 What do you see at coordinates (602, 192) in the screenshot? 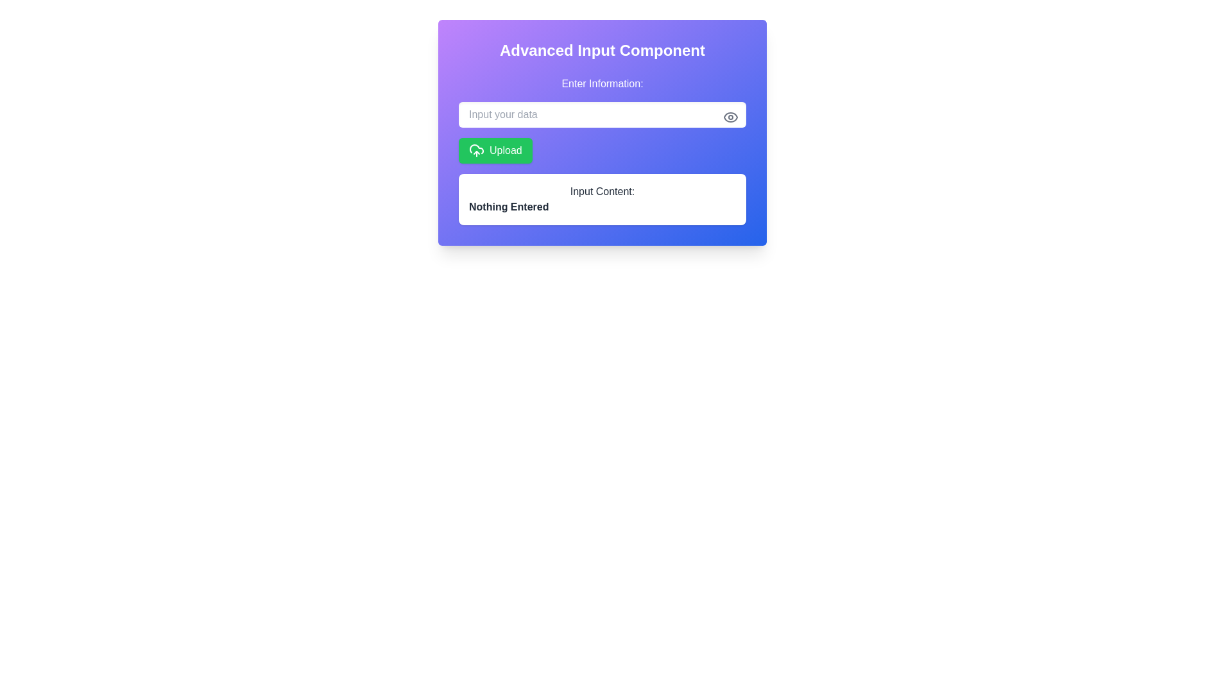
I see `the text label displaying 'Input Content:' which is styled in black color within a white rounded rectangular frame, positioned above the sibling text 'Nothing Entered' in a gradient background panel` at bounding box center [602, 192].